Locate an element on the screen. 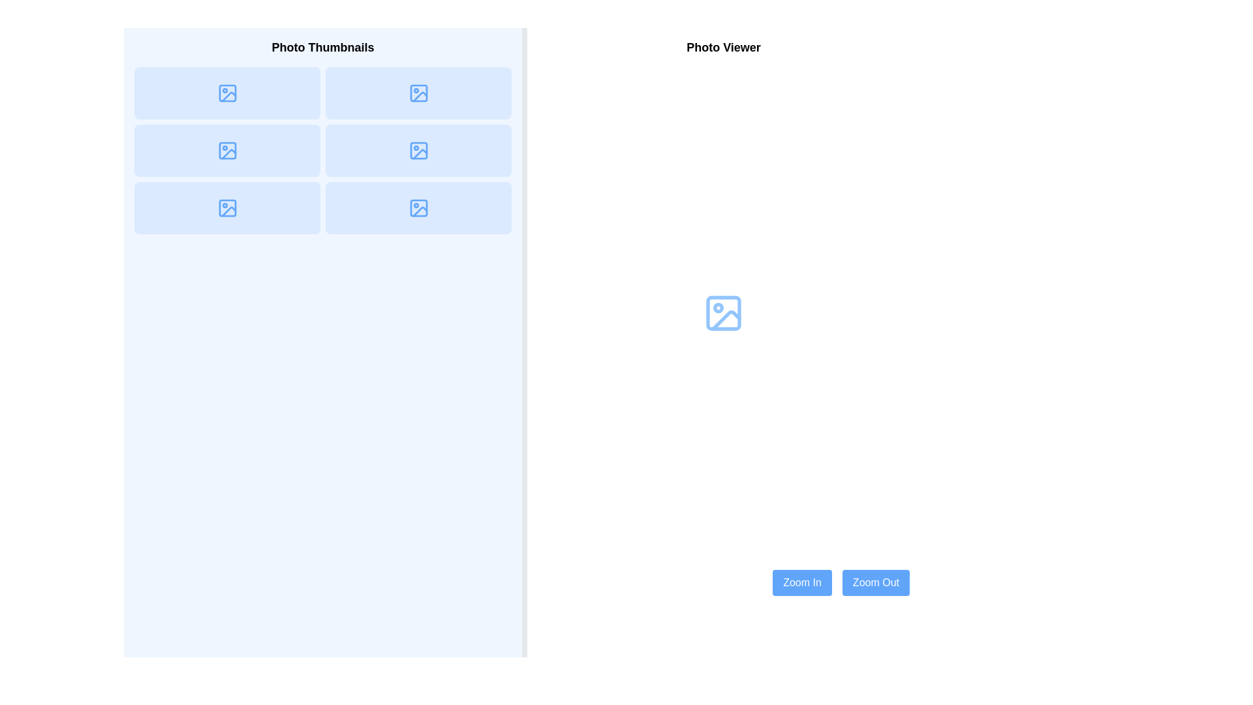 The image size is (1253, 705). the decorative indicator located in the middle column of the second row of the thumbnail grid in the photo viewer interface, positioned in the top-right corner of the image icon is located at coordinates (418, 150).